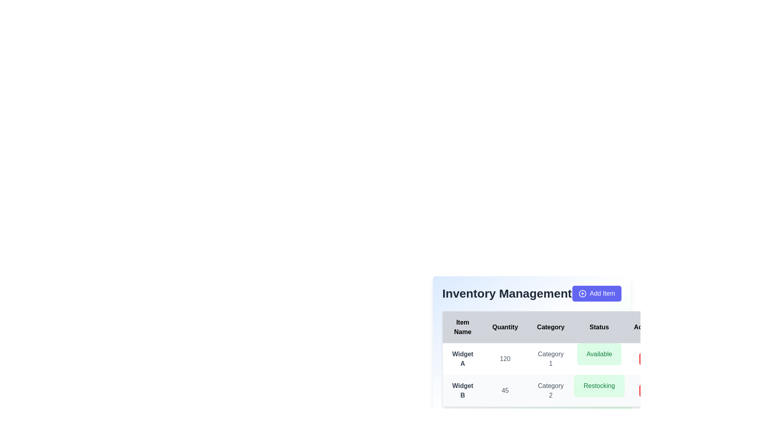 The width and height of the screenshot is (761, 428). What do you see at coordinates (550, 327) in the screenshot?
I see `the 'Category' text header` at bounding box center [550, 327].